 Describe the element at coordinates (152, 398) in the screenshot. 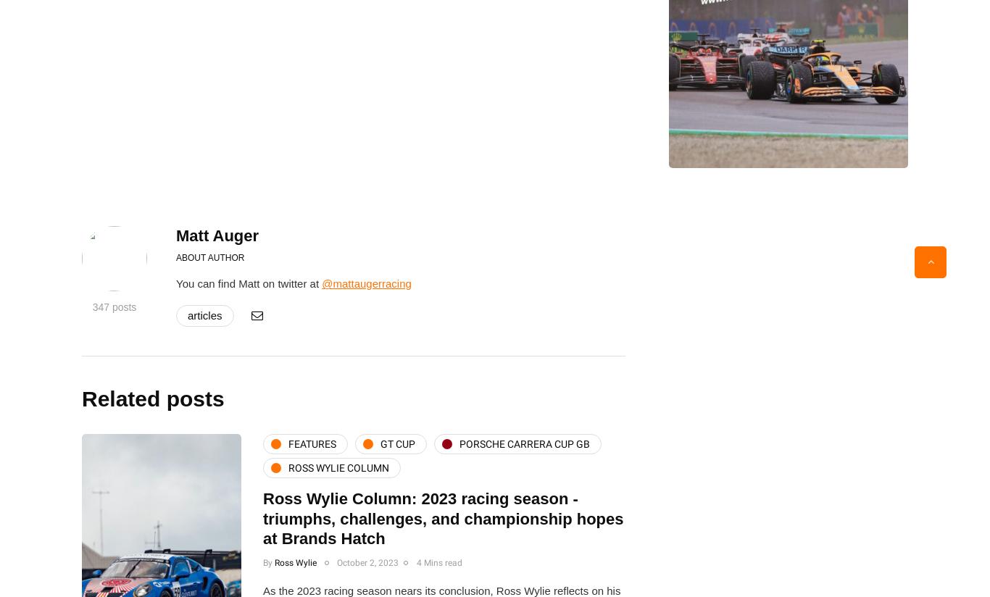

I see `'Related posts'` at that location.